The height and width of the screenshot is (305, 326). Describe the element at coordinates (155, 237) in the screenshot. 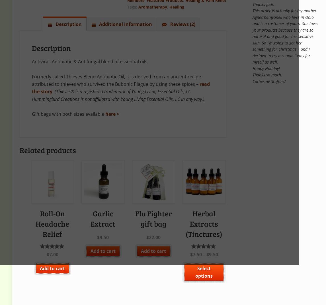

I see `'22.00'` at that location.